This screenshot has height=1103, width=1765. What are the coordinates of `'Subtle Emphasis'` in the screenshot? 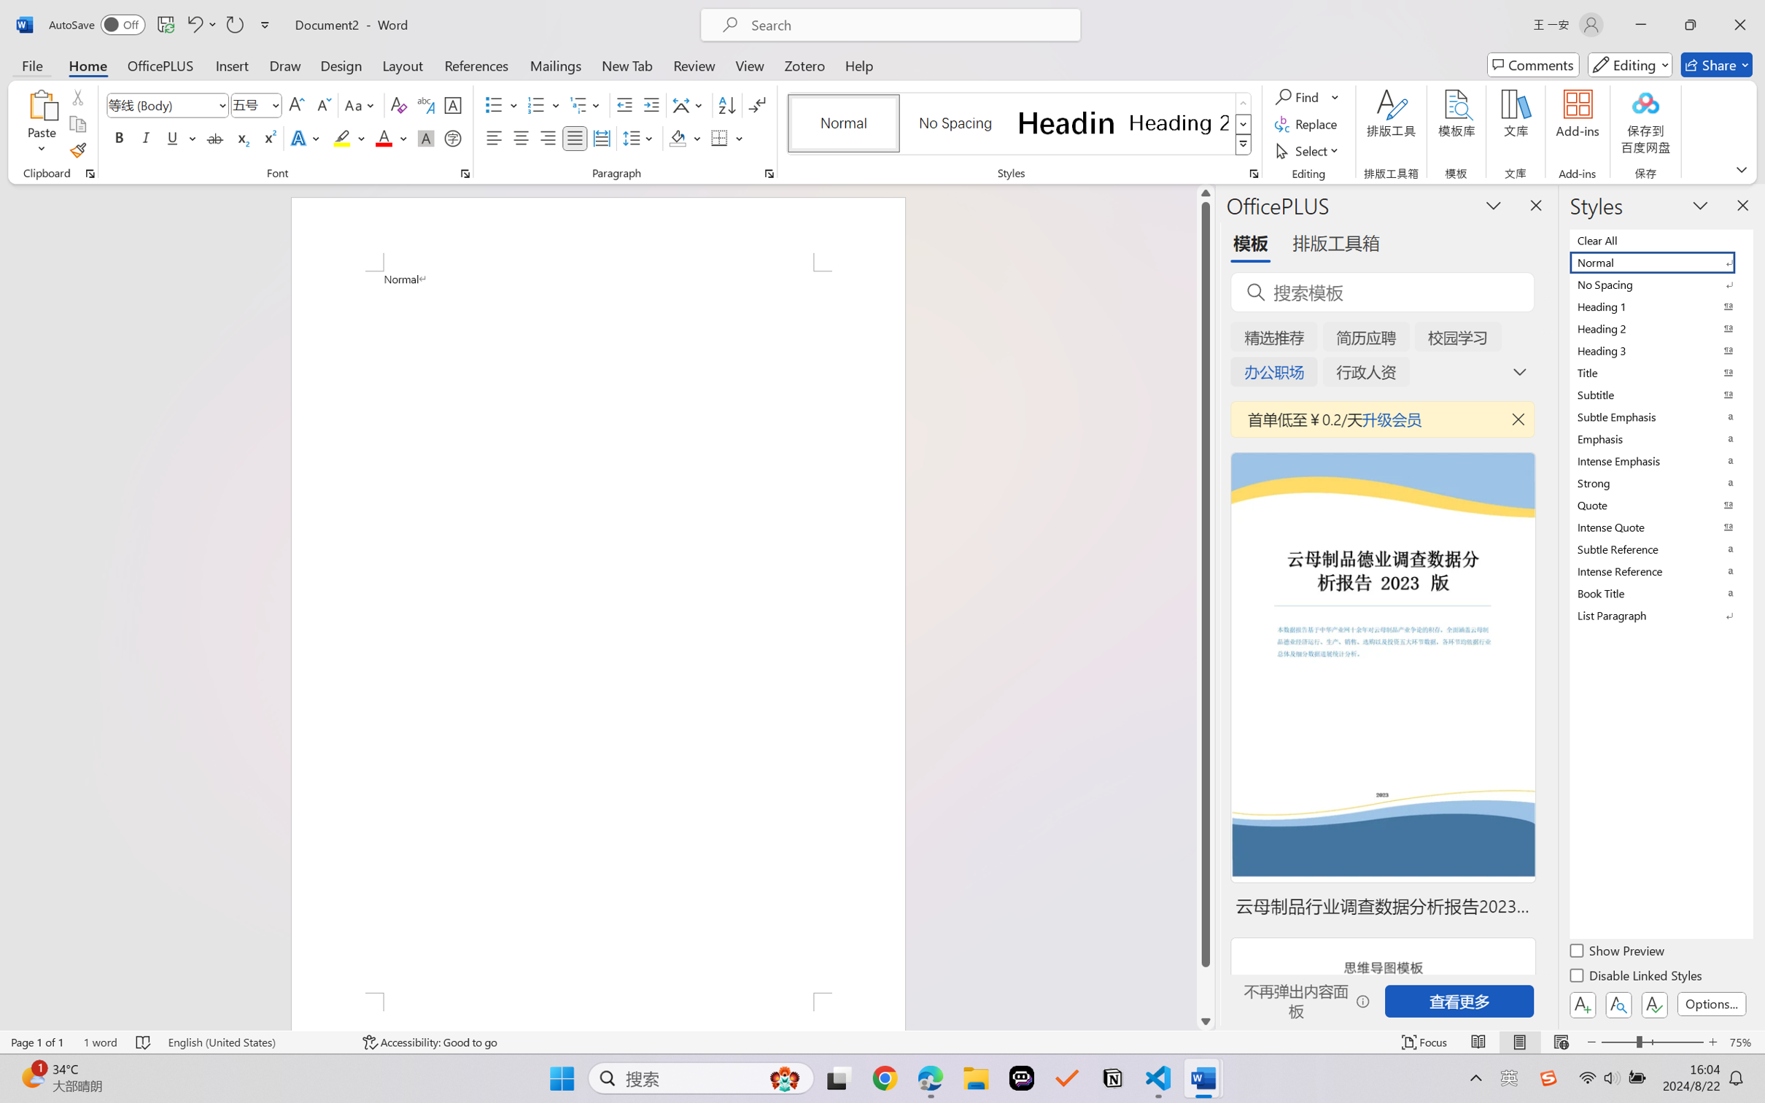 It's located at (1659, 416).